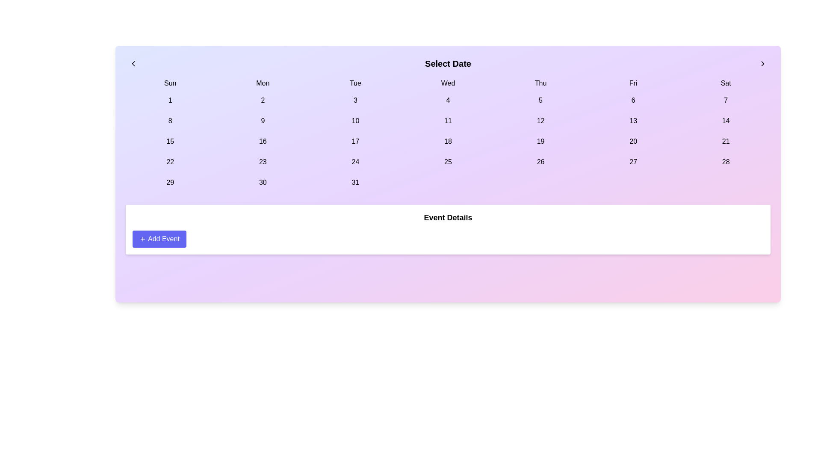 This screenshot has height=462, width=821. What do you see at coordinates (633, 100) in the screenshot?
I see `the button-like element displaying the number '6' located in the first row of date cells under the 'Fri' header` at bounding box center [633, 100].